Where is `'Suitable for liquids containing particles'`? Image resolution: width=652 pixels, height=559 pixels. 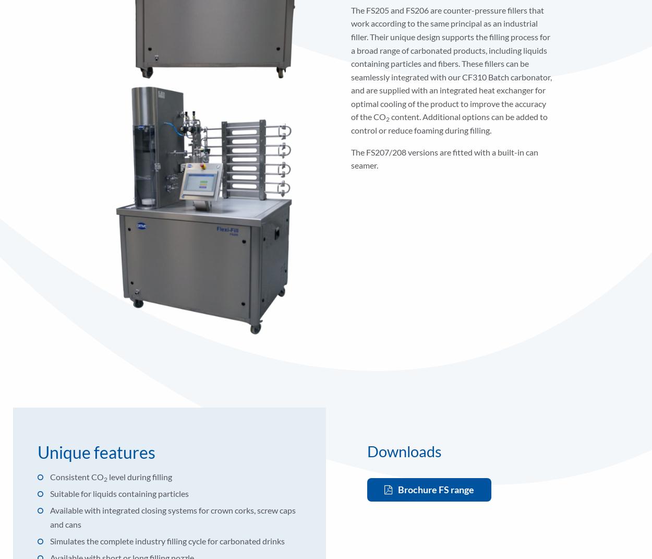
'Suitable for liquids containing particles' is located at coordinates (119, 493).